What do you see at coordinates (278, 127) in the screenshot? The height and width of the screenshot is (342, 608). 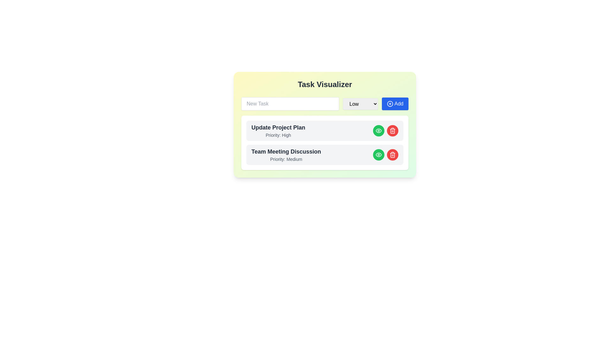 I see `assistive tools` at bounding box center [278, 127].